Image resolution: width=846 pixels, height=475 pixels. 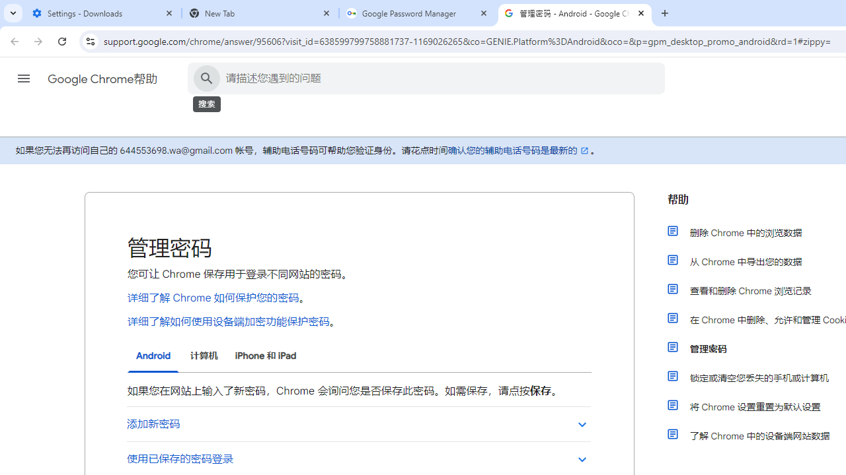 What do you see at coordinates (260, 13) in the screenshot?
I see `'New Tab'` at bounding box center [260, 13].